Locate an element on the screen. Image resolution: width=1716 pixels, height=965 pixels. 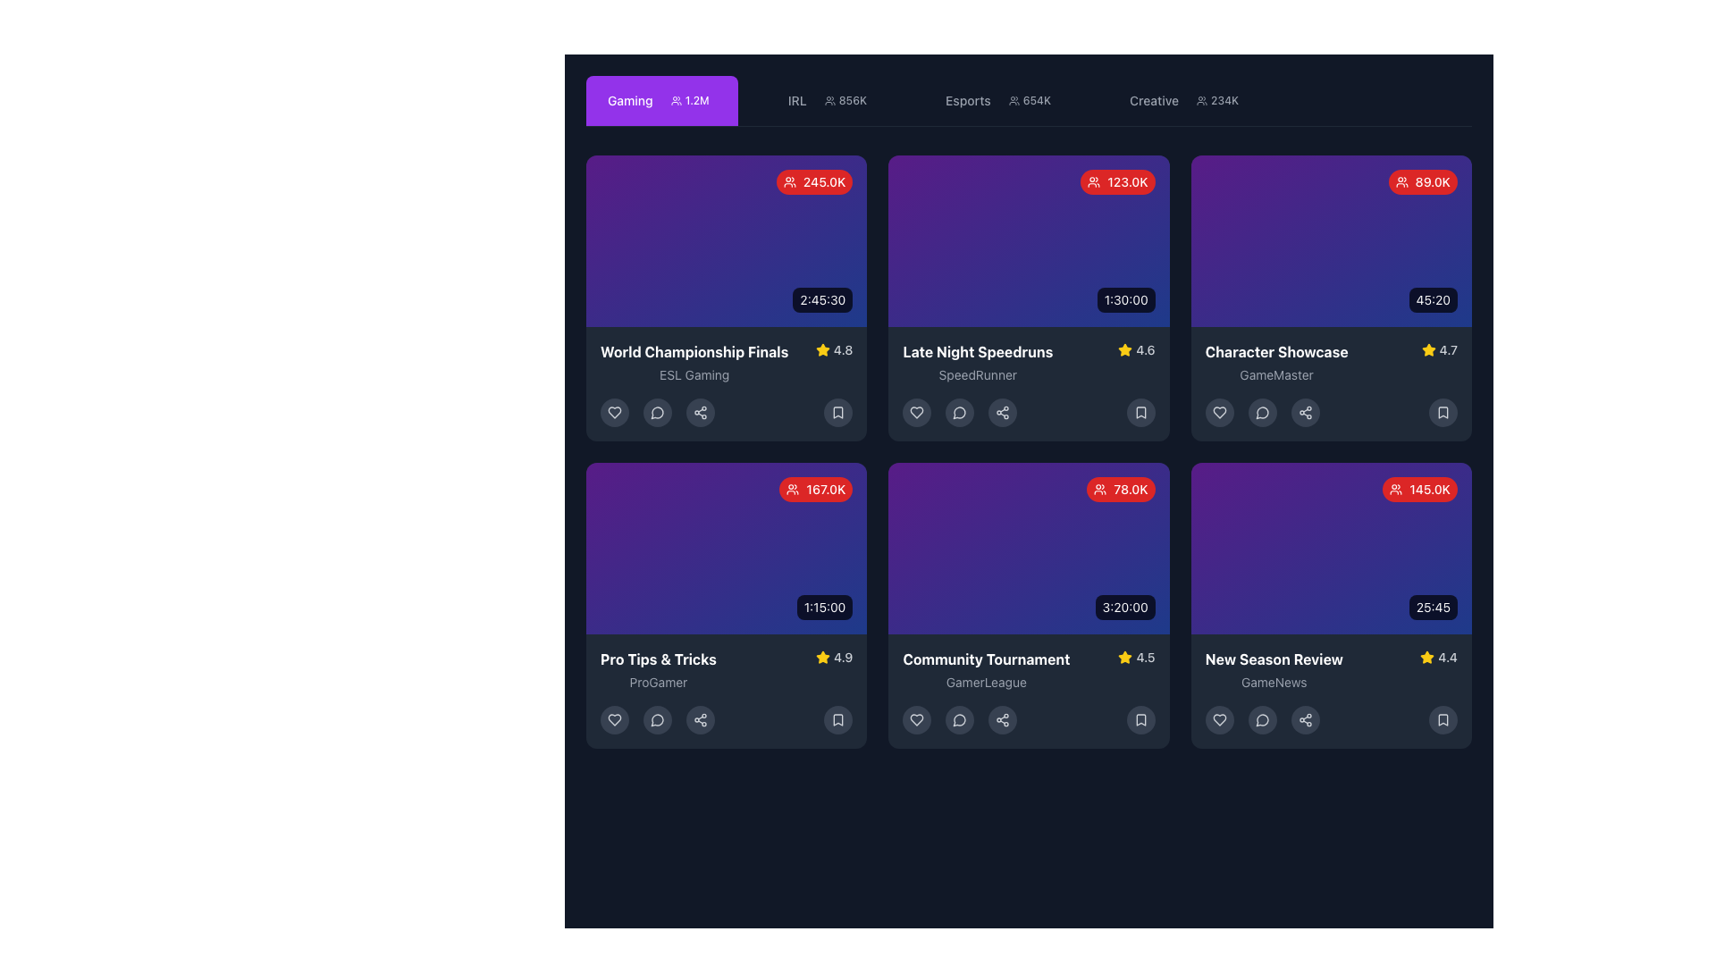
the Informative badge displaying the count or metric related to the 'Gaming' category, located in the header section next to the 'Gaming' label is located at coordinates (689, 100).